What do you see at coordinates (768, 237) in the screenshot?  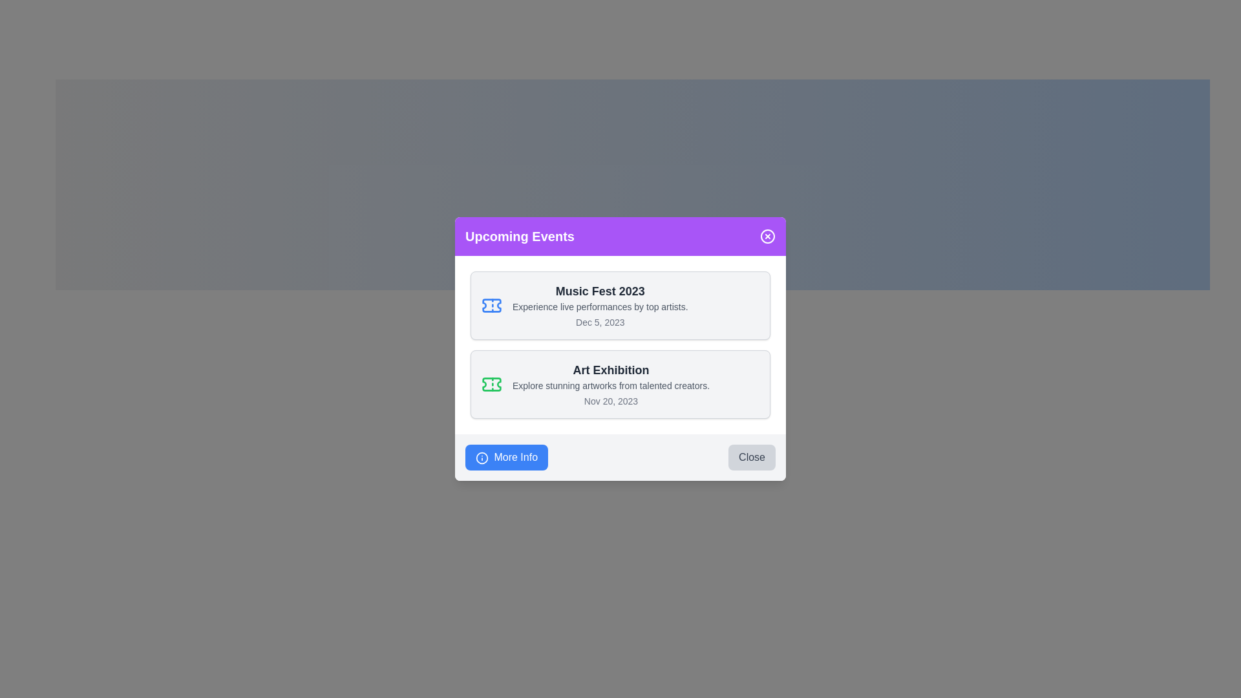 I see `the circular close button with a cross mark located in the top-right corner of the purple header bar of the 'Upcoming Events' modal` at bounding box center [768, 237].